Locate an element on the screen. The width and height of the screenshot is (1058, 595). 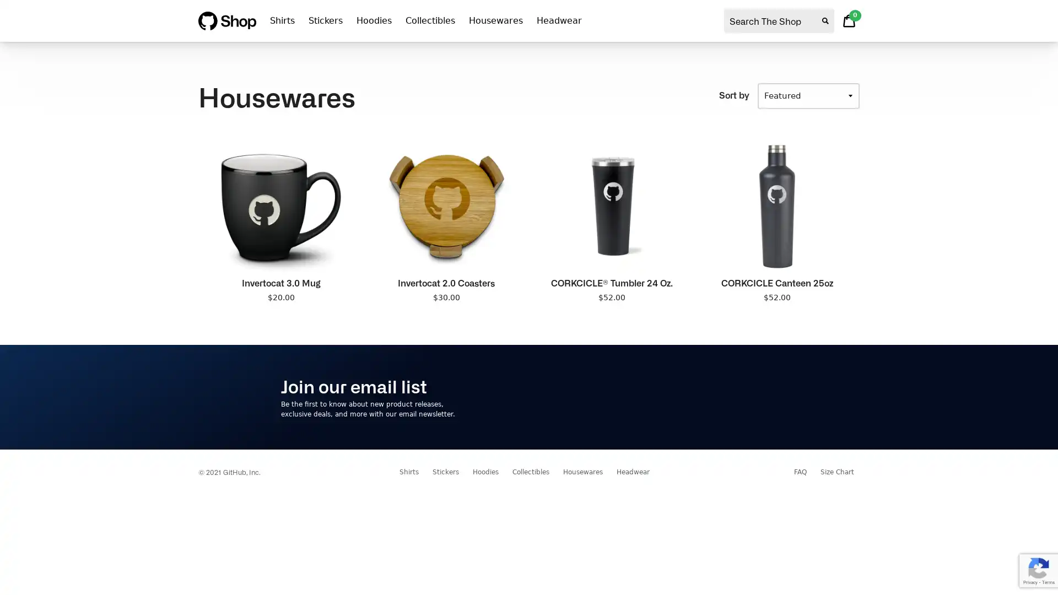
Subscribe is located at coordinates (743, 397).